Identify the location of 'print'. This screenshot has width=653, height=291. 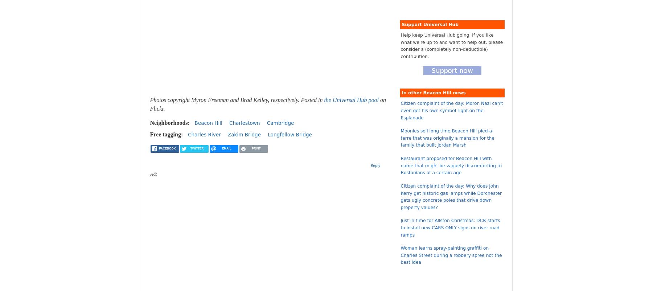
(255, 148).